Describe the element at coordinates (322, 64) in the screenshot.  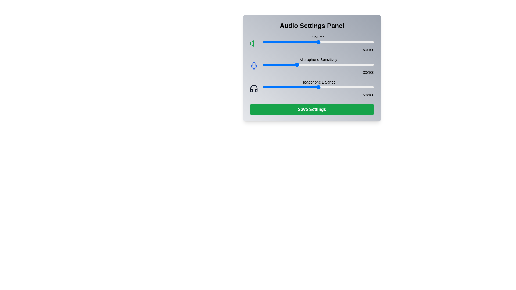
I see `microphone sensitivity` at that location.